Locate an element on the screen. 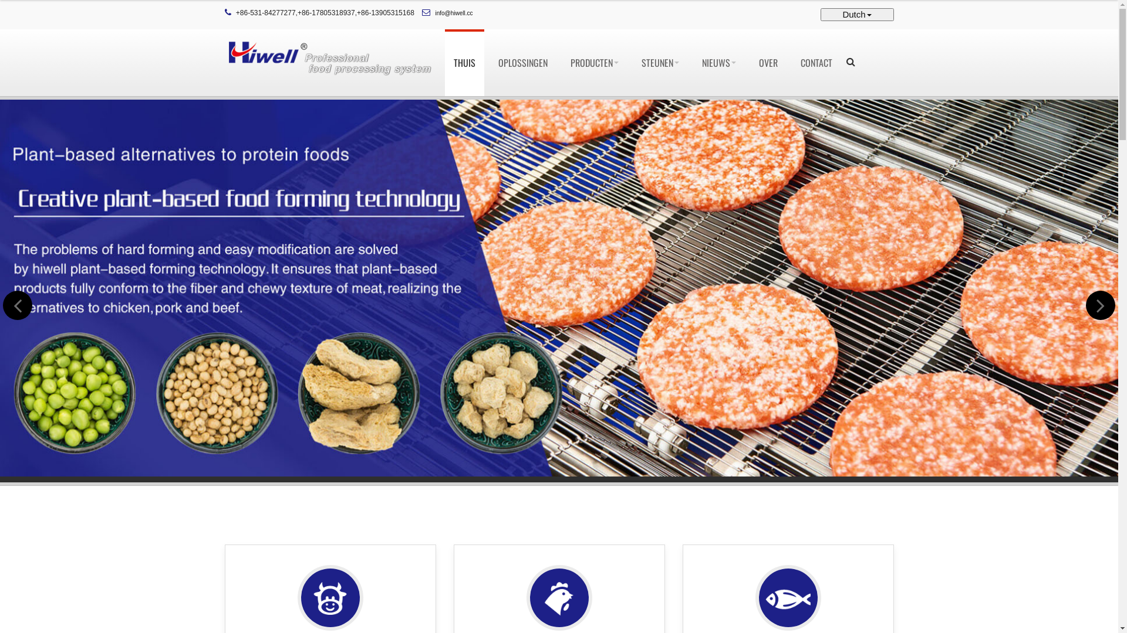 The height and width of the screenshot is (633, 1127). 'NIEUWS' is located at coordinates (718, 63).